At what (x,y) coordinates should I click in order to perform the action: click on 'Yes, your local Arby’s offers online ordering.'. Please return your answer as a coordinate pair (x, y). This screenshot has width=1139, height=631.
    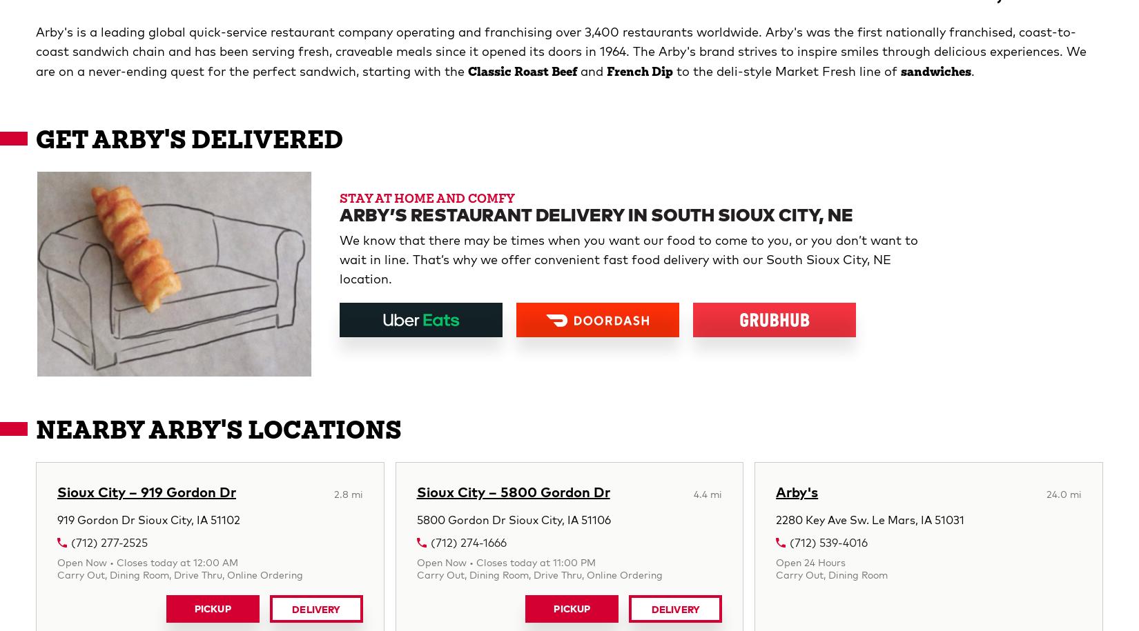
    Looking at the image, I should click on (168, 270).